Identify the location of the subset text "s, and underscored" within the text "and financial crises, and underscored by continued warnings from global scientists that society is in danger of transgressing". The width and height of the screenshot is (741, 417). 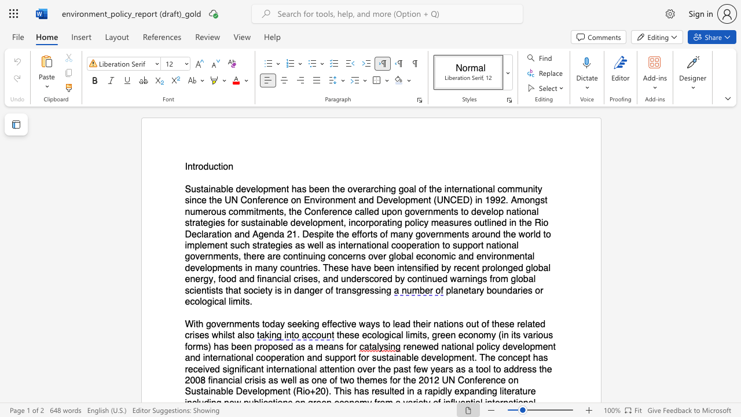
(313, 279).